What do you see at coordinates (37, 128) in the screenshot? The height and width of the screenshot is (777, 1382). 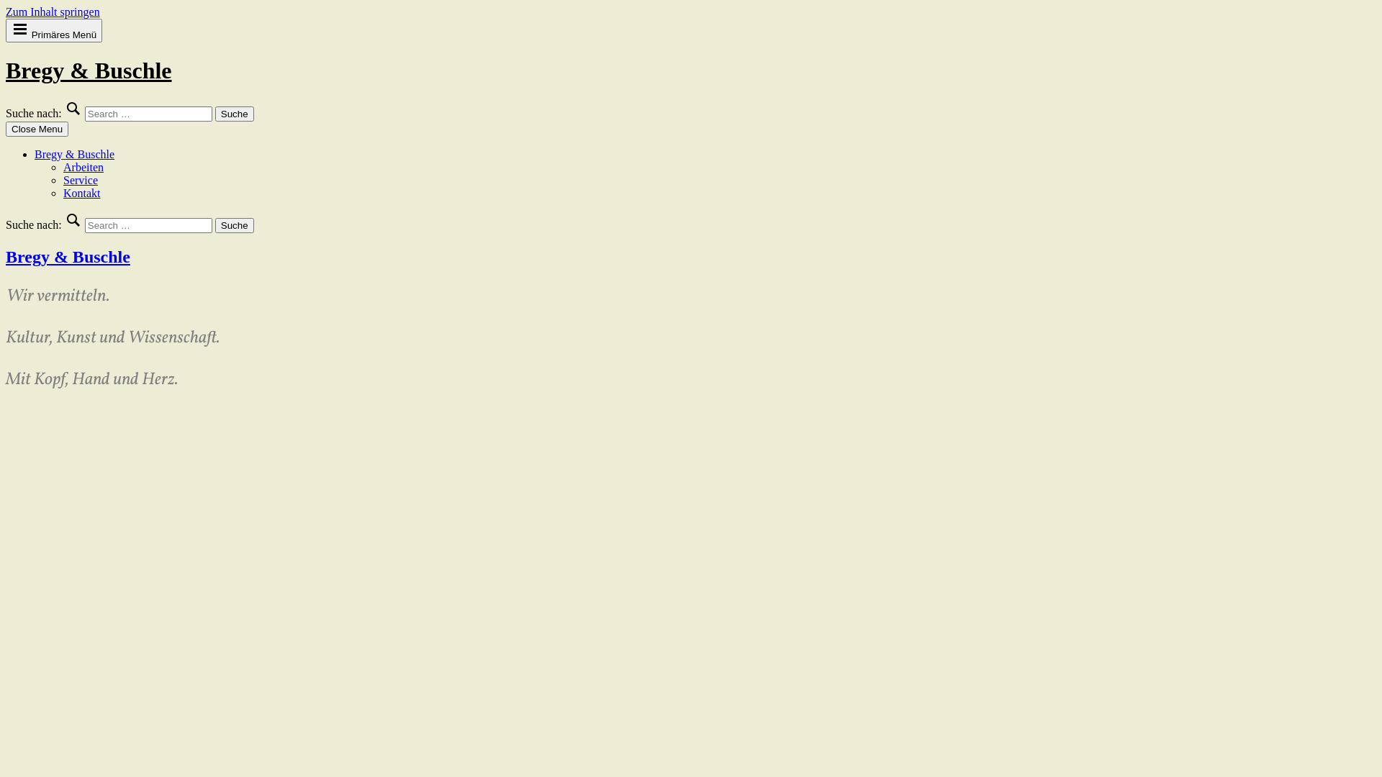 I see `'Close Menu'` at bounding box center [37, 128].